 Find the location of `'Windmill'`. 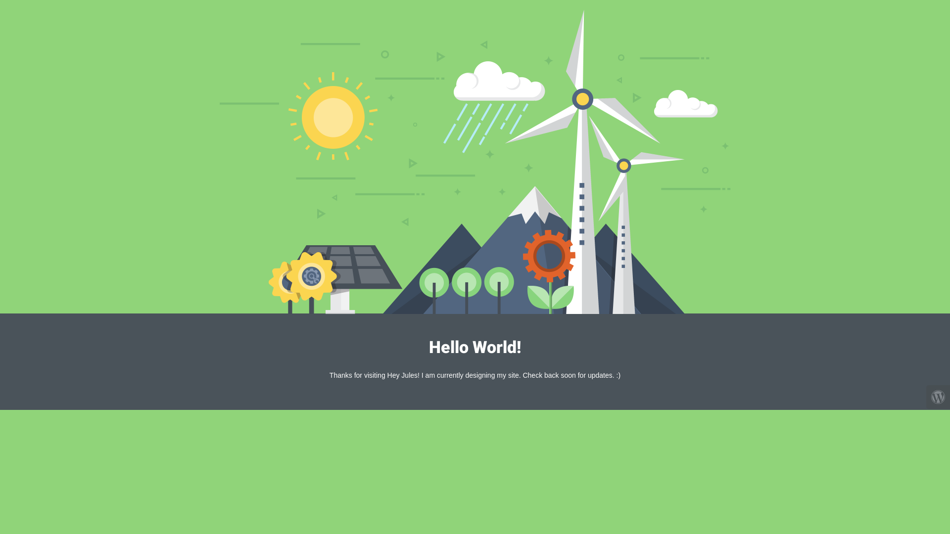

'Windmill' is located at coordinates (475, 161).